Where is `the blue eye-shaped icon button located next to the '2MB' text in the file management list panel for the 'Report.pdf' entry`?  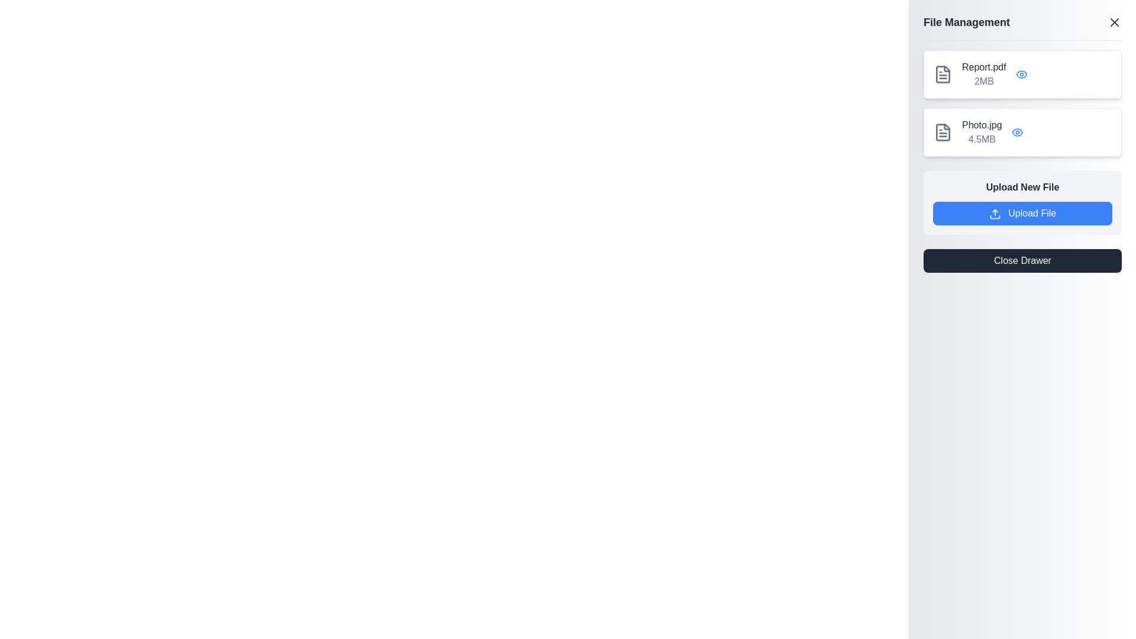
the blue eye-shaped icon button located next to the '2MB' text in the file management list panel for the 'Report.pdf' entry is located at coordinates (1021, 75).